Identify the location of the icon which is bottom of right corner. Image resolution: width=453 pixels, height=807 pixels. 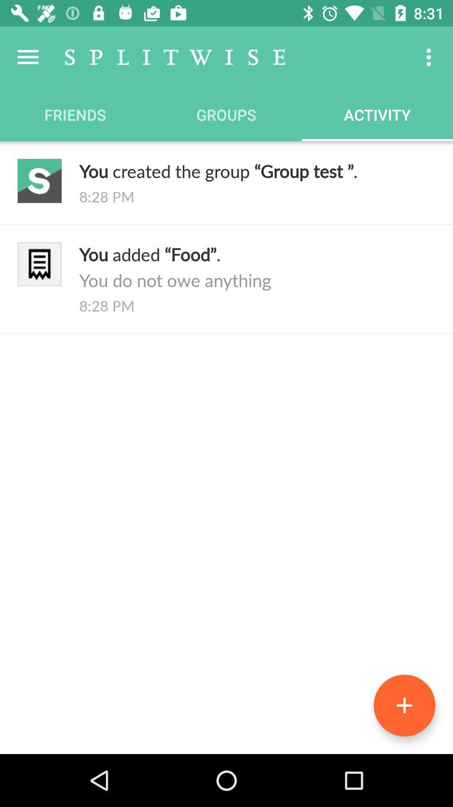
(404, 705).